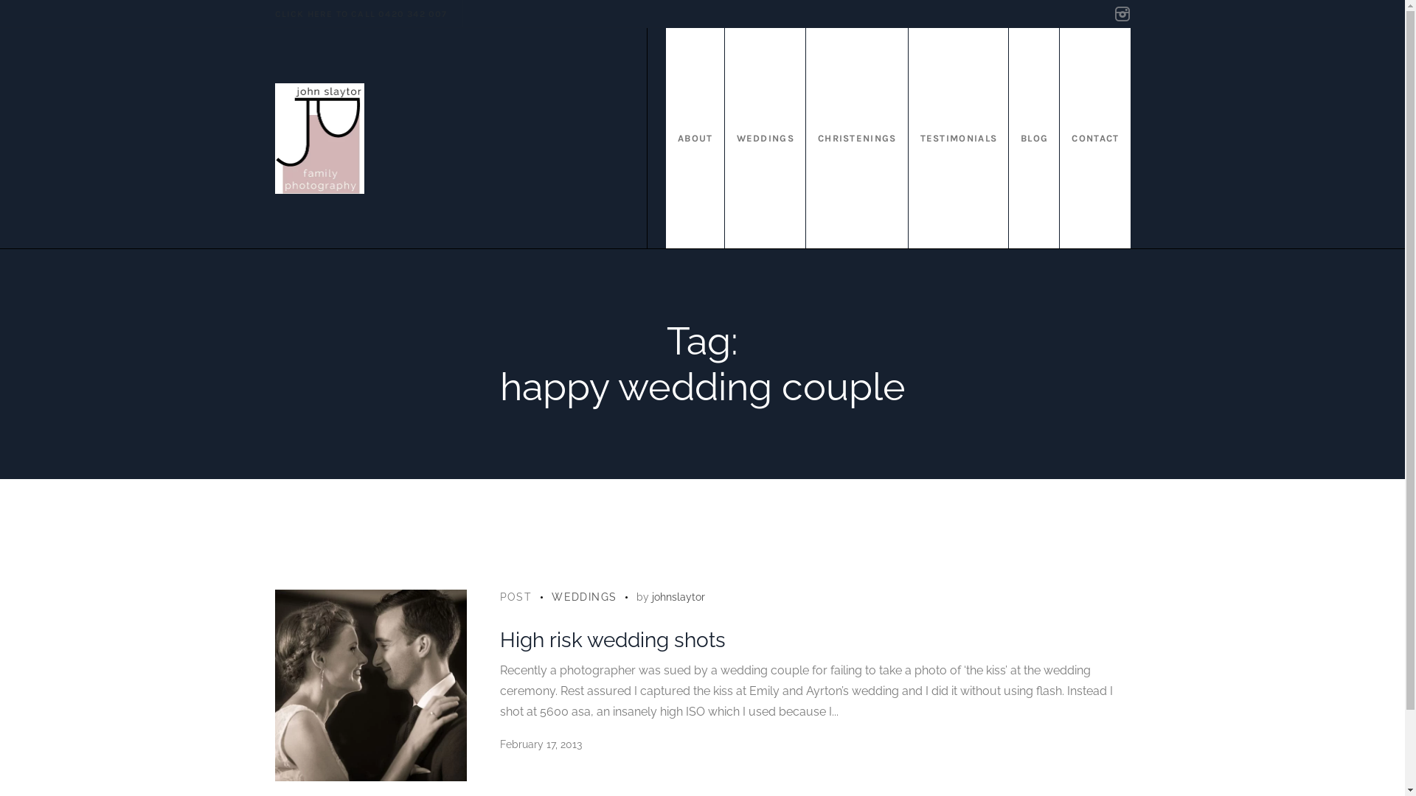  I want to click on 'TESTIMONIALS', so click(959, 138).